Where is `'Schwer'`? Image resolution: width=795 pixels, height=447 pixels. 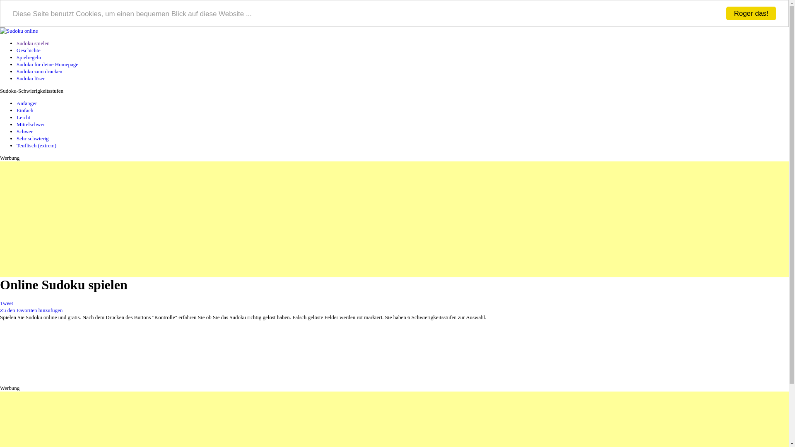 'Schwer' is located at coordinates (24, 131).